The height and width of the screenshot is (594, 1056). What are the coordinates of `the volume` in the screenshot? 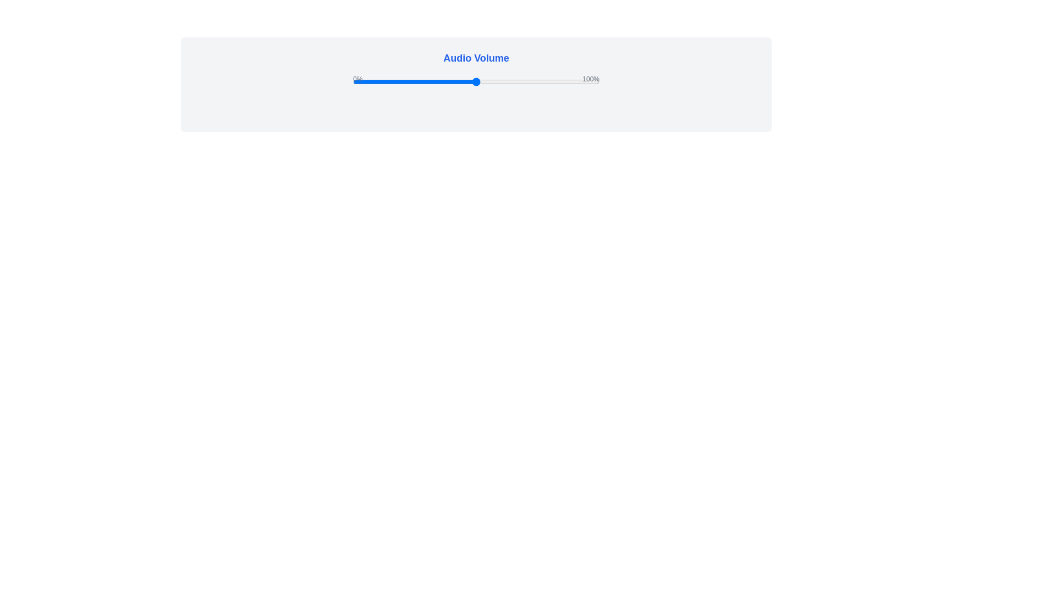 It's located at (406, 81).